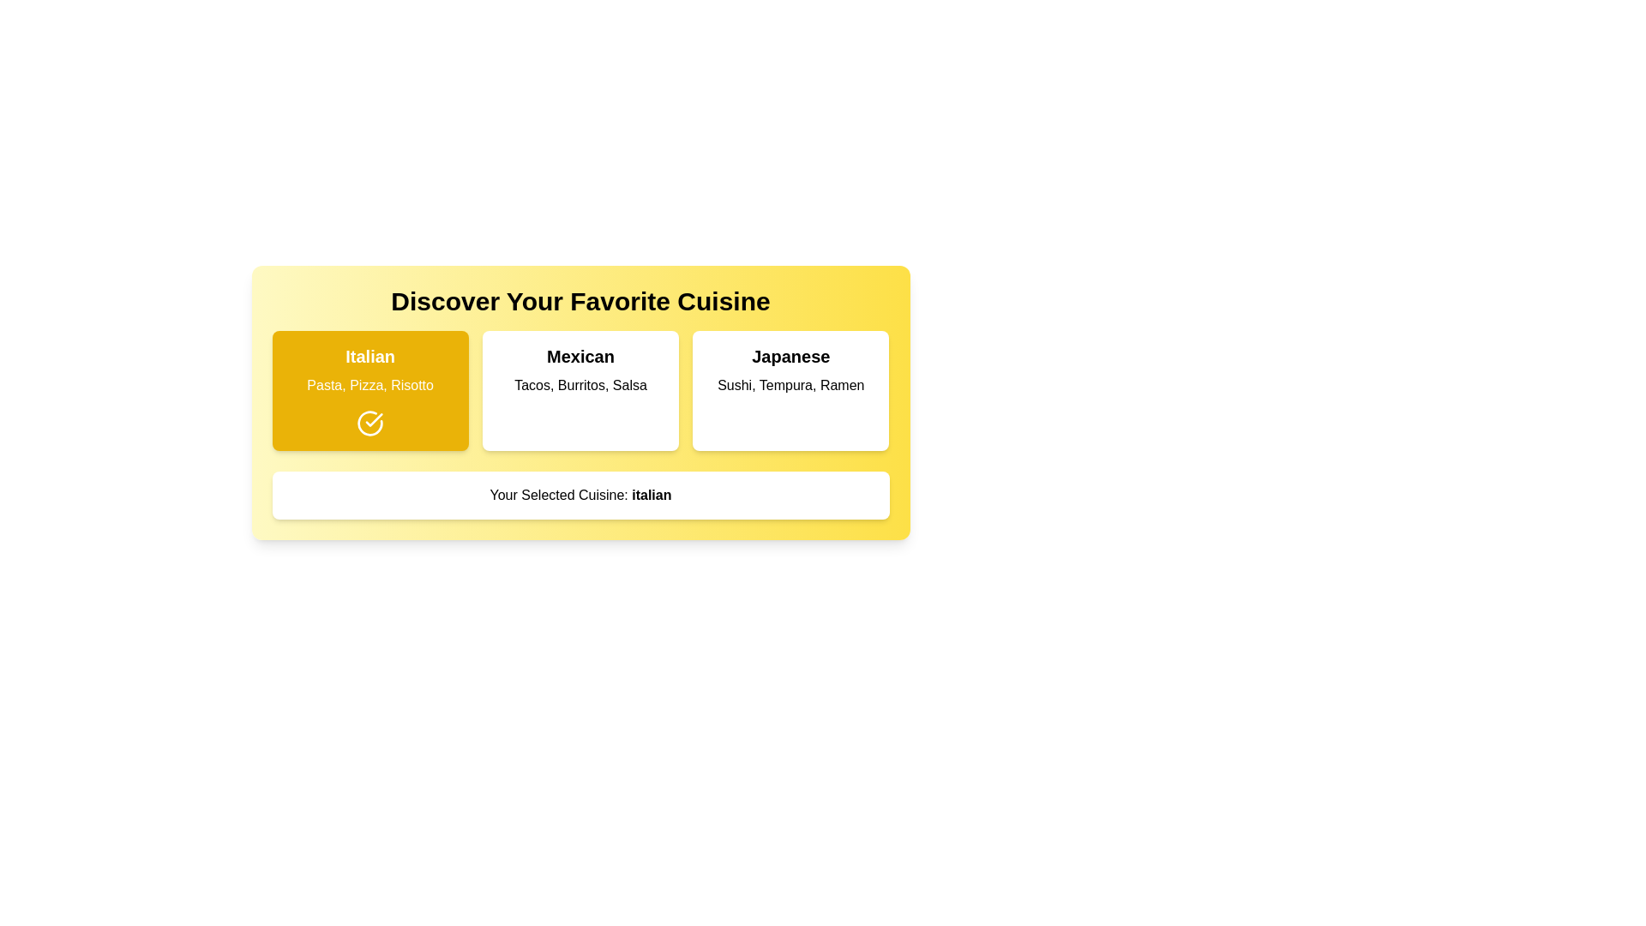 This screenshot has width=1646, height=926. Describe the element at coordinates (373, 419) in the screenshot. I see `the checkmark icon located in the lower-right quadrant of the Italian cuisine card, which is part of a larger SVG icon with a circular outline` at that location.